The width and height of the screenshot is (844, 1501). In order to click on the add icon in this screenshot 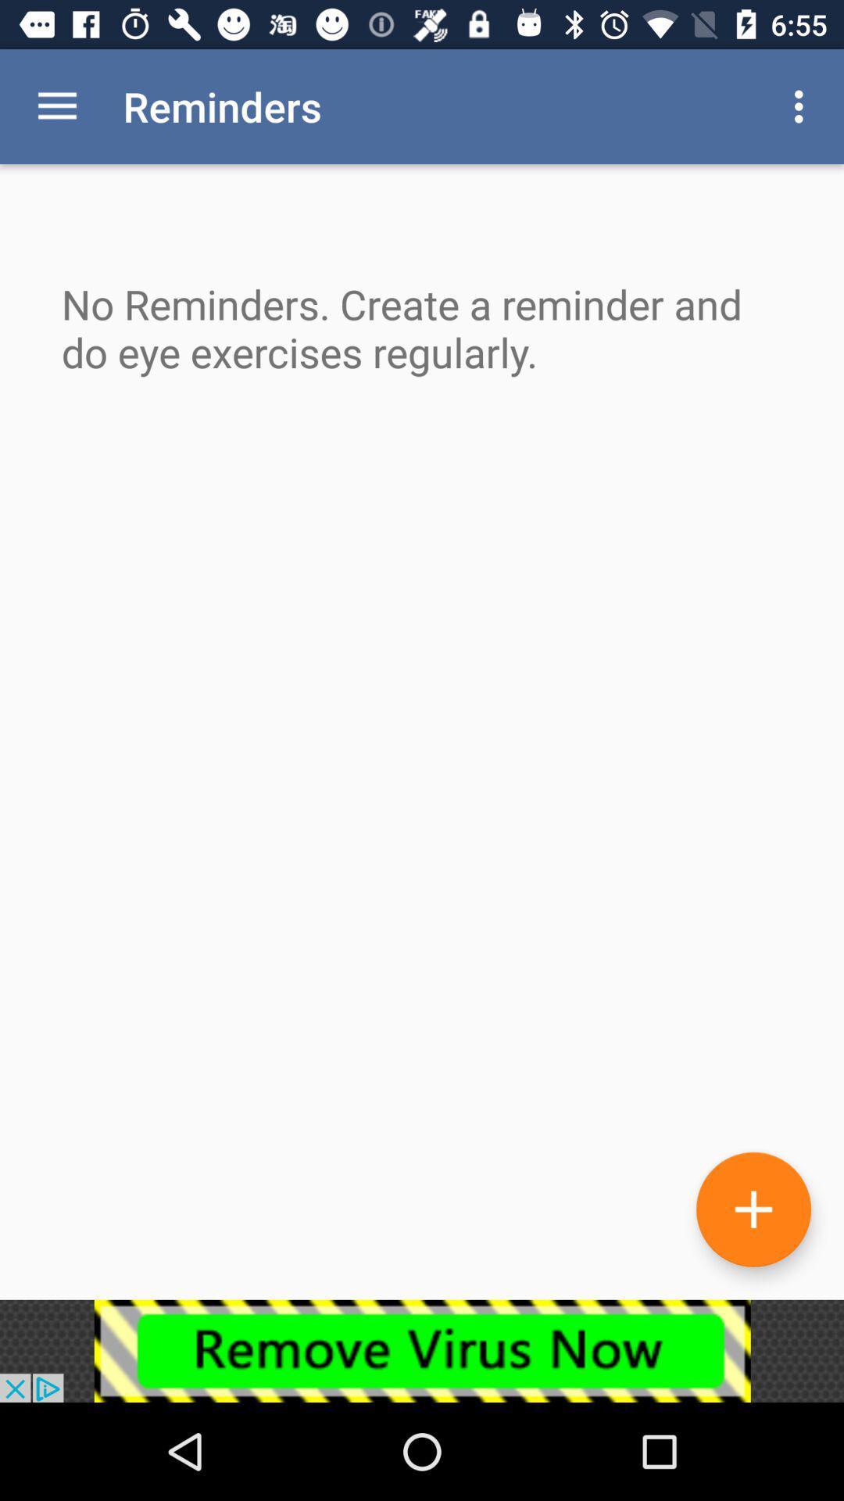, I will do `click(753, 1209)`.